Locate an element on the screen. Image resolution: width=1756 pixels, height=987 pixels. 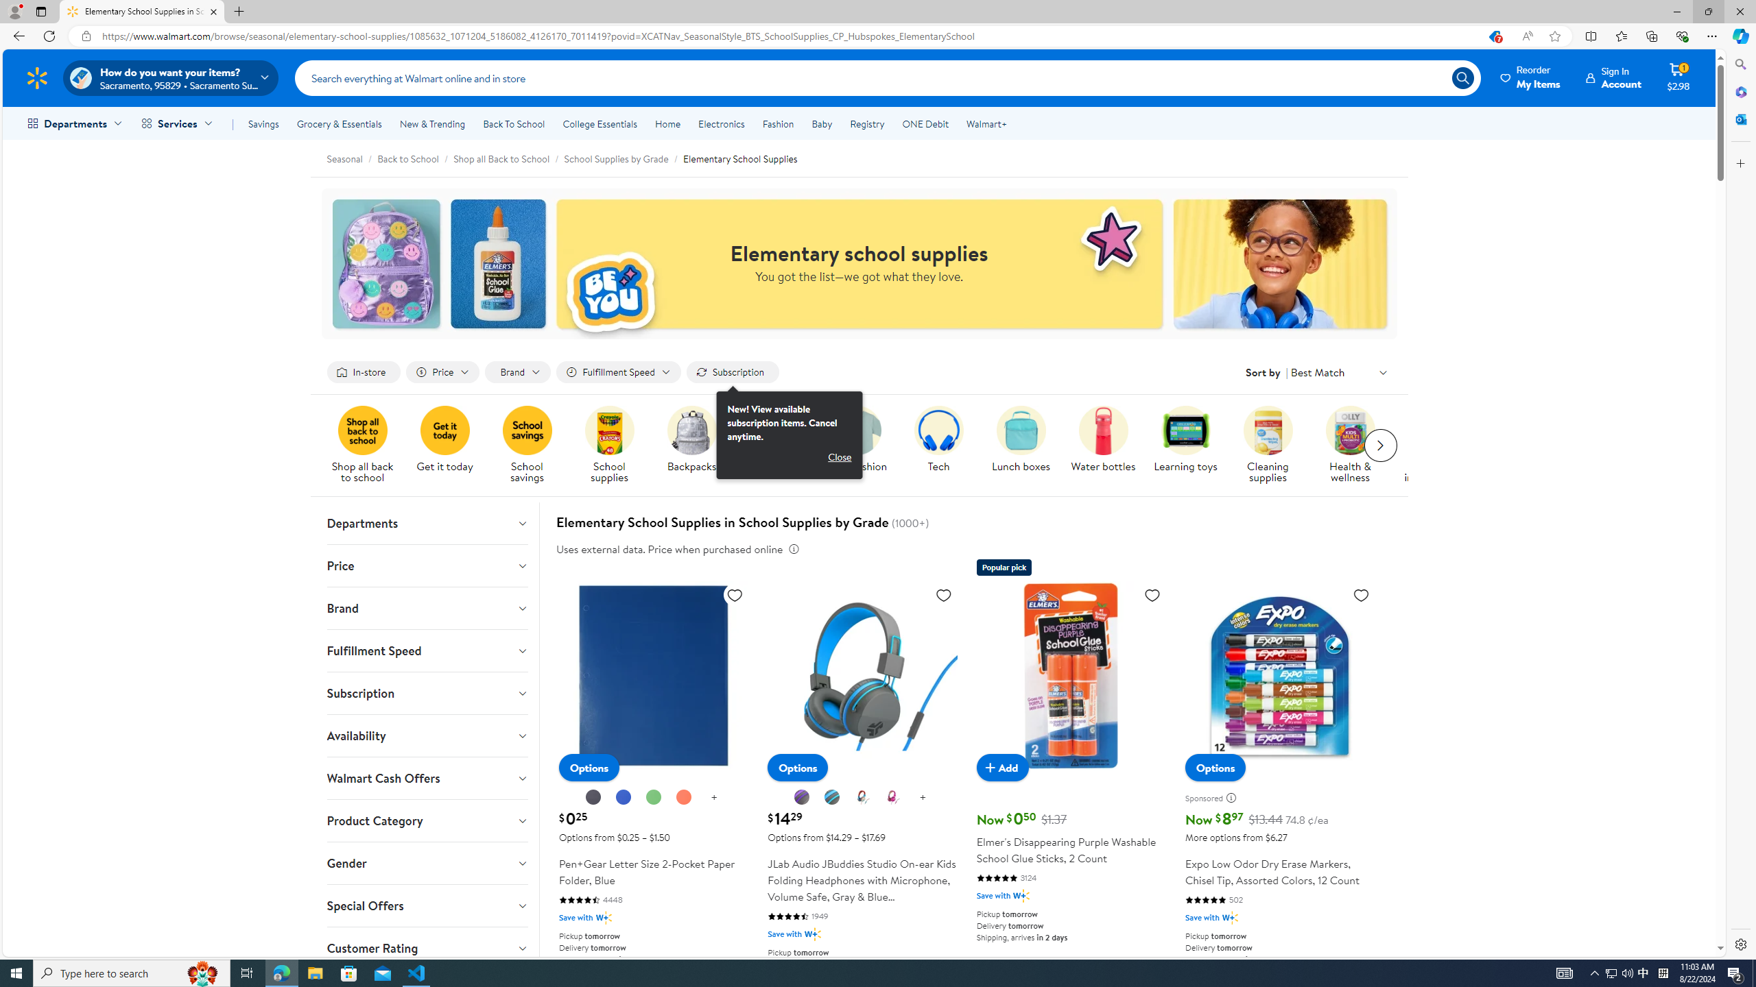
'Availability' is located at coordinates (427, 735).